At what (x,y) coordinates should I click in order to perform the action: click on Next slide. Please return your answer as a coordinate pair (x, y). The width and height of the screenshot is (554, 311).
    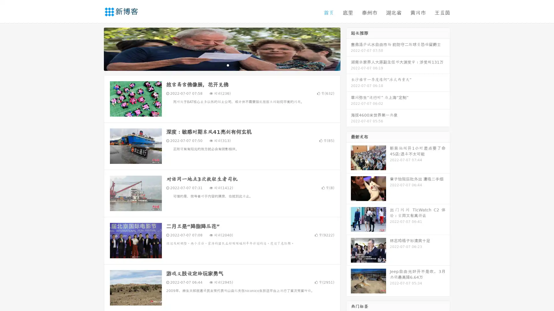
    Looking at the image, I should click on (349, 48).